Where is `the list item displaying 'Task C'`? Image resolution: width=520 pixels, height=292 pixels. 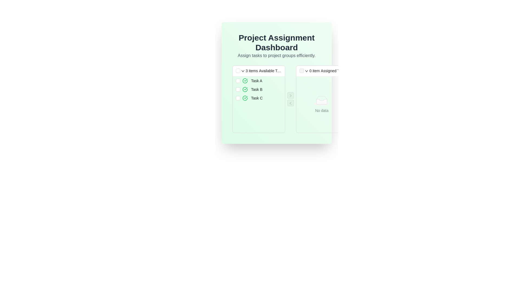
the list item displaying 'Task C' is located at coordinates (262, 98).